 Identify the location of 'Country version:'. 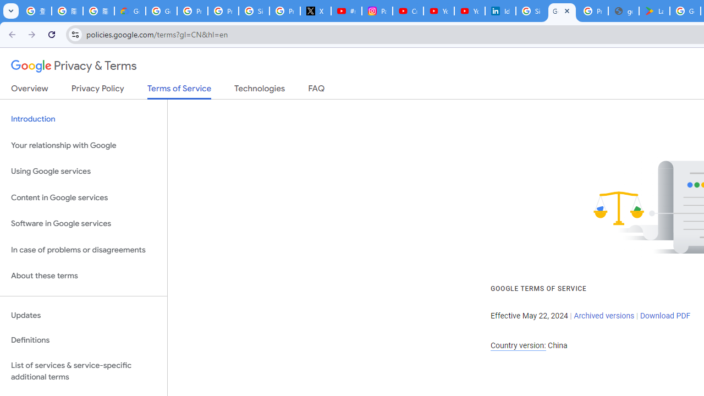
(518, 345).